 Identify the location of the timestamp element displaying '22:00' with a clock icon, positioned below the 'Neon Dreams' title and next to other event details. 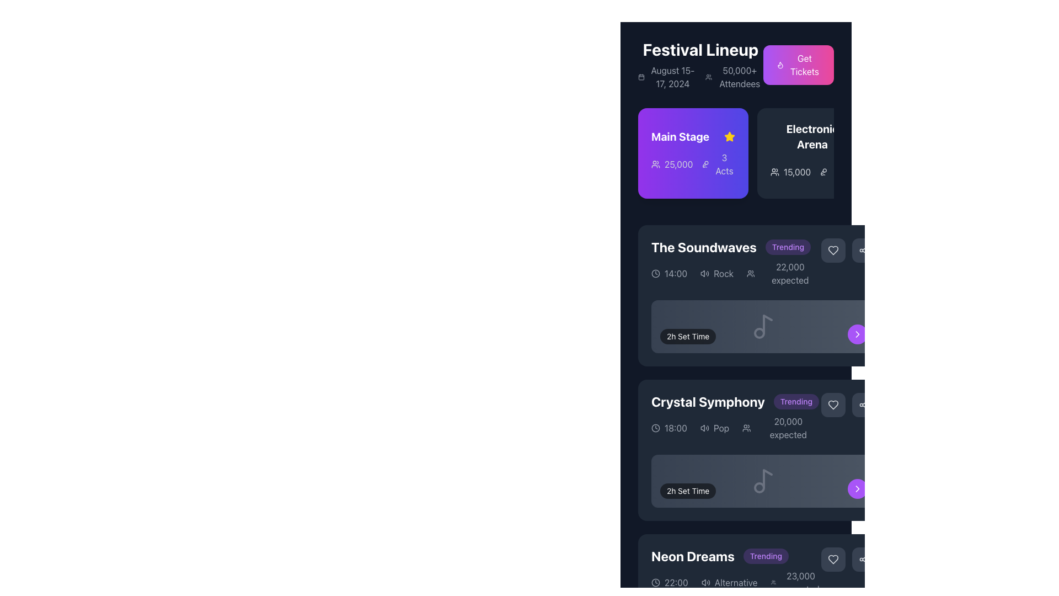
(669, 582).